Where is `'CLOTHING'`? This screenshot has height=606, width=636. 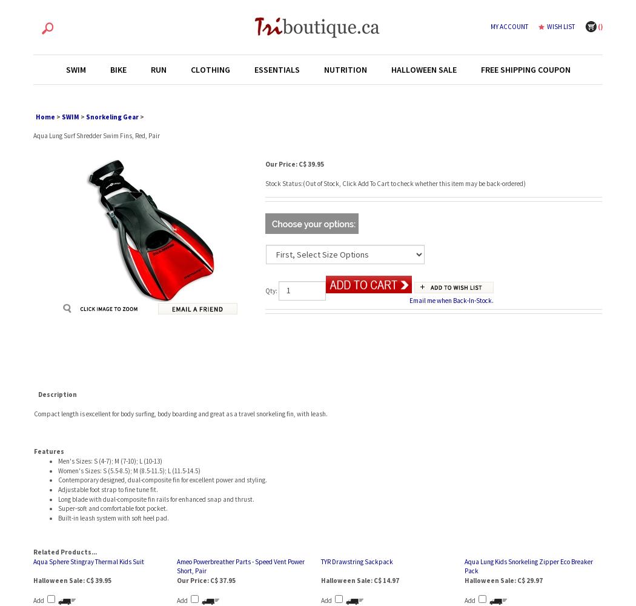
'CLOTHING' is located at coordinates (190, 69).